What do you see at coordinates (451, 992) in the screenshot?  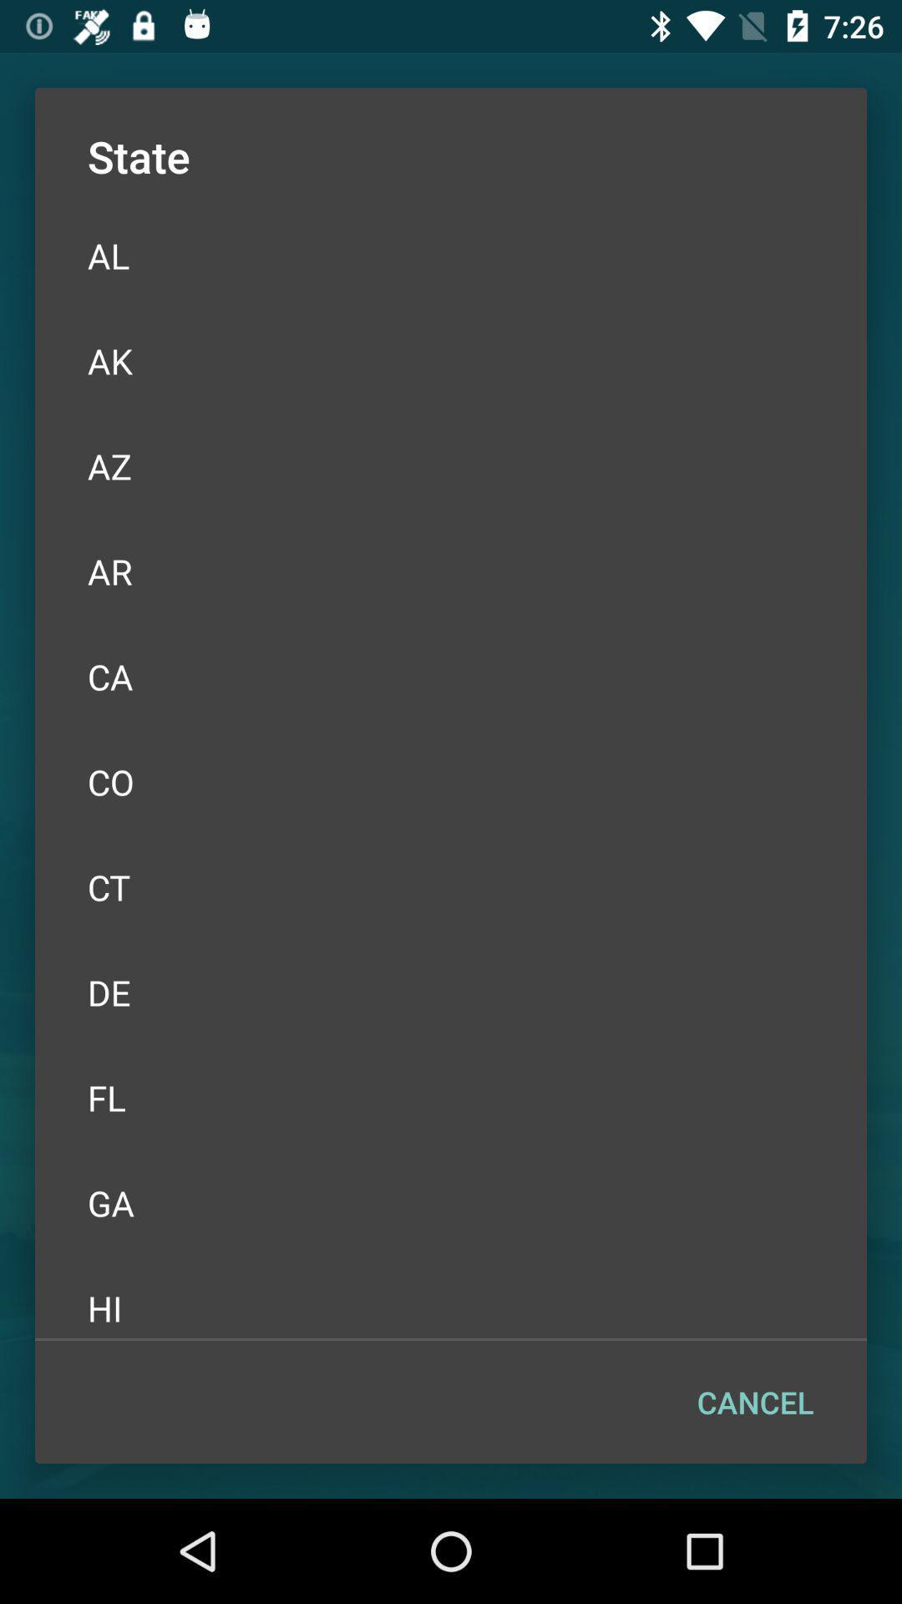 I see `de item` at bounding box center [451, 992].